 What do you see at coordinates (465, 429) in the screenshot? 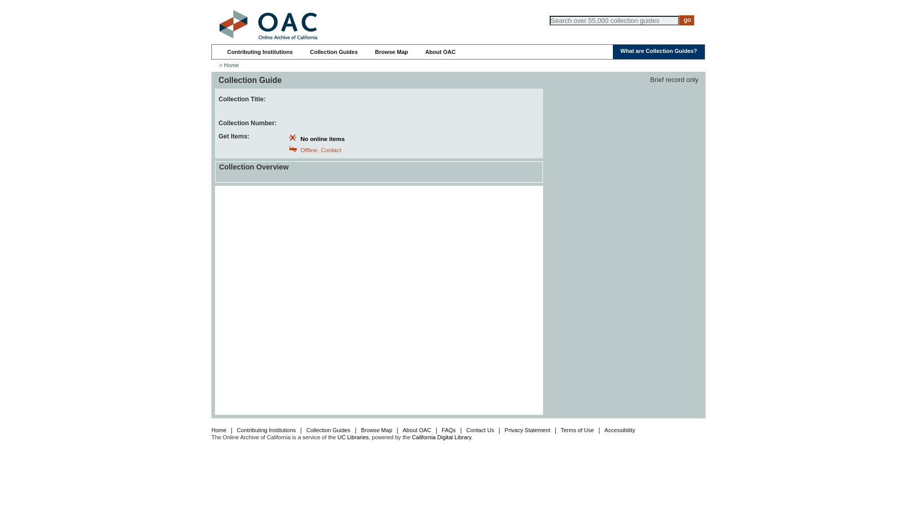
I see `'Contact Us'` at bounding box center [465, 429].